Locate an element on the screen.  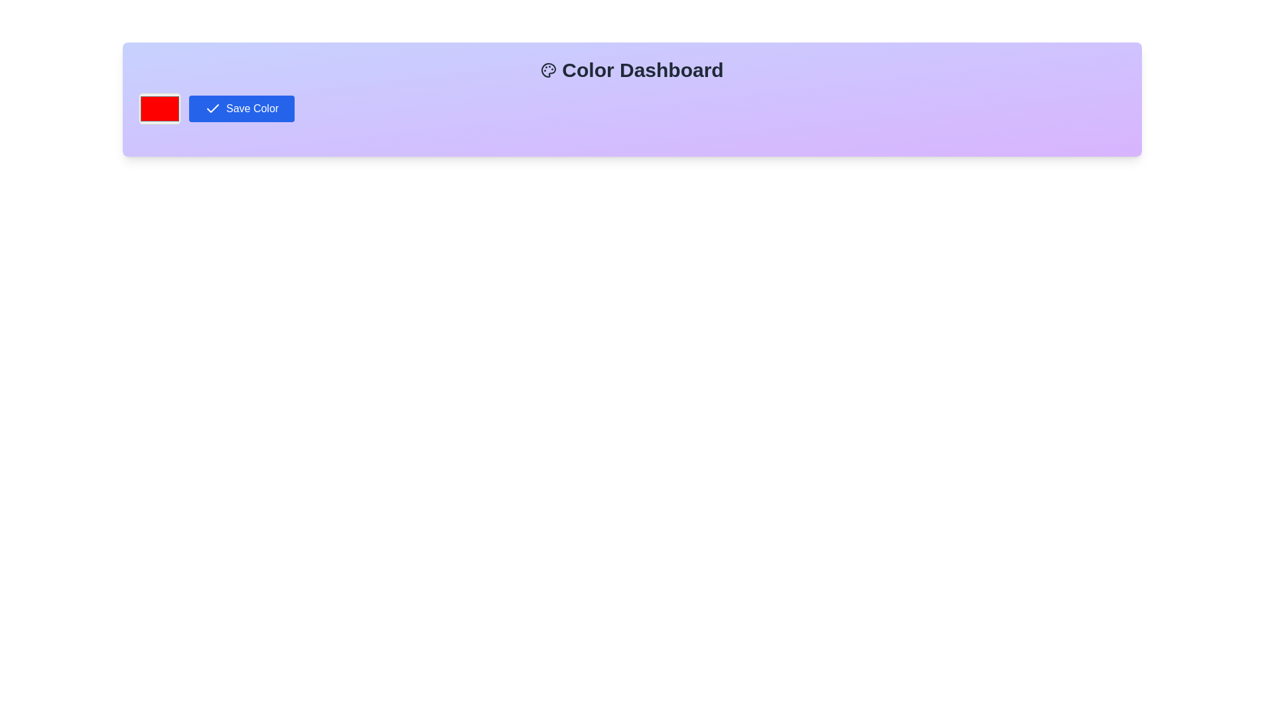
the black and white palette icon located to the left of the 'Color Dashboard' text is located at coordinates (549, 70).